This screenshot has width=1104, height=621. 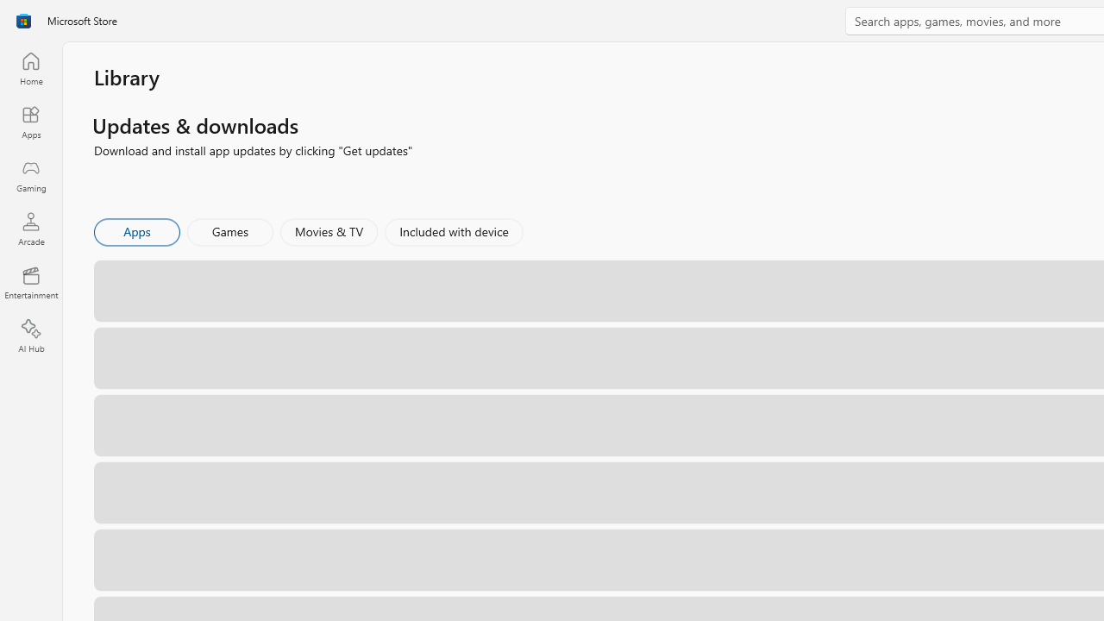 I want to click on 'Home', so click(x=30, y=67).